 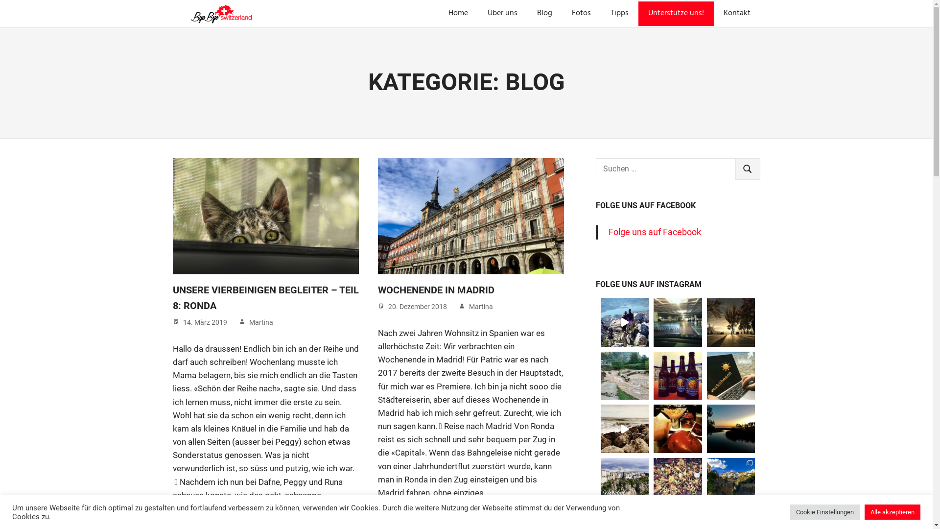 I want to click on 'Blog', so click(x=543, y=13).